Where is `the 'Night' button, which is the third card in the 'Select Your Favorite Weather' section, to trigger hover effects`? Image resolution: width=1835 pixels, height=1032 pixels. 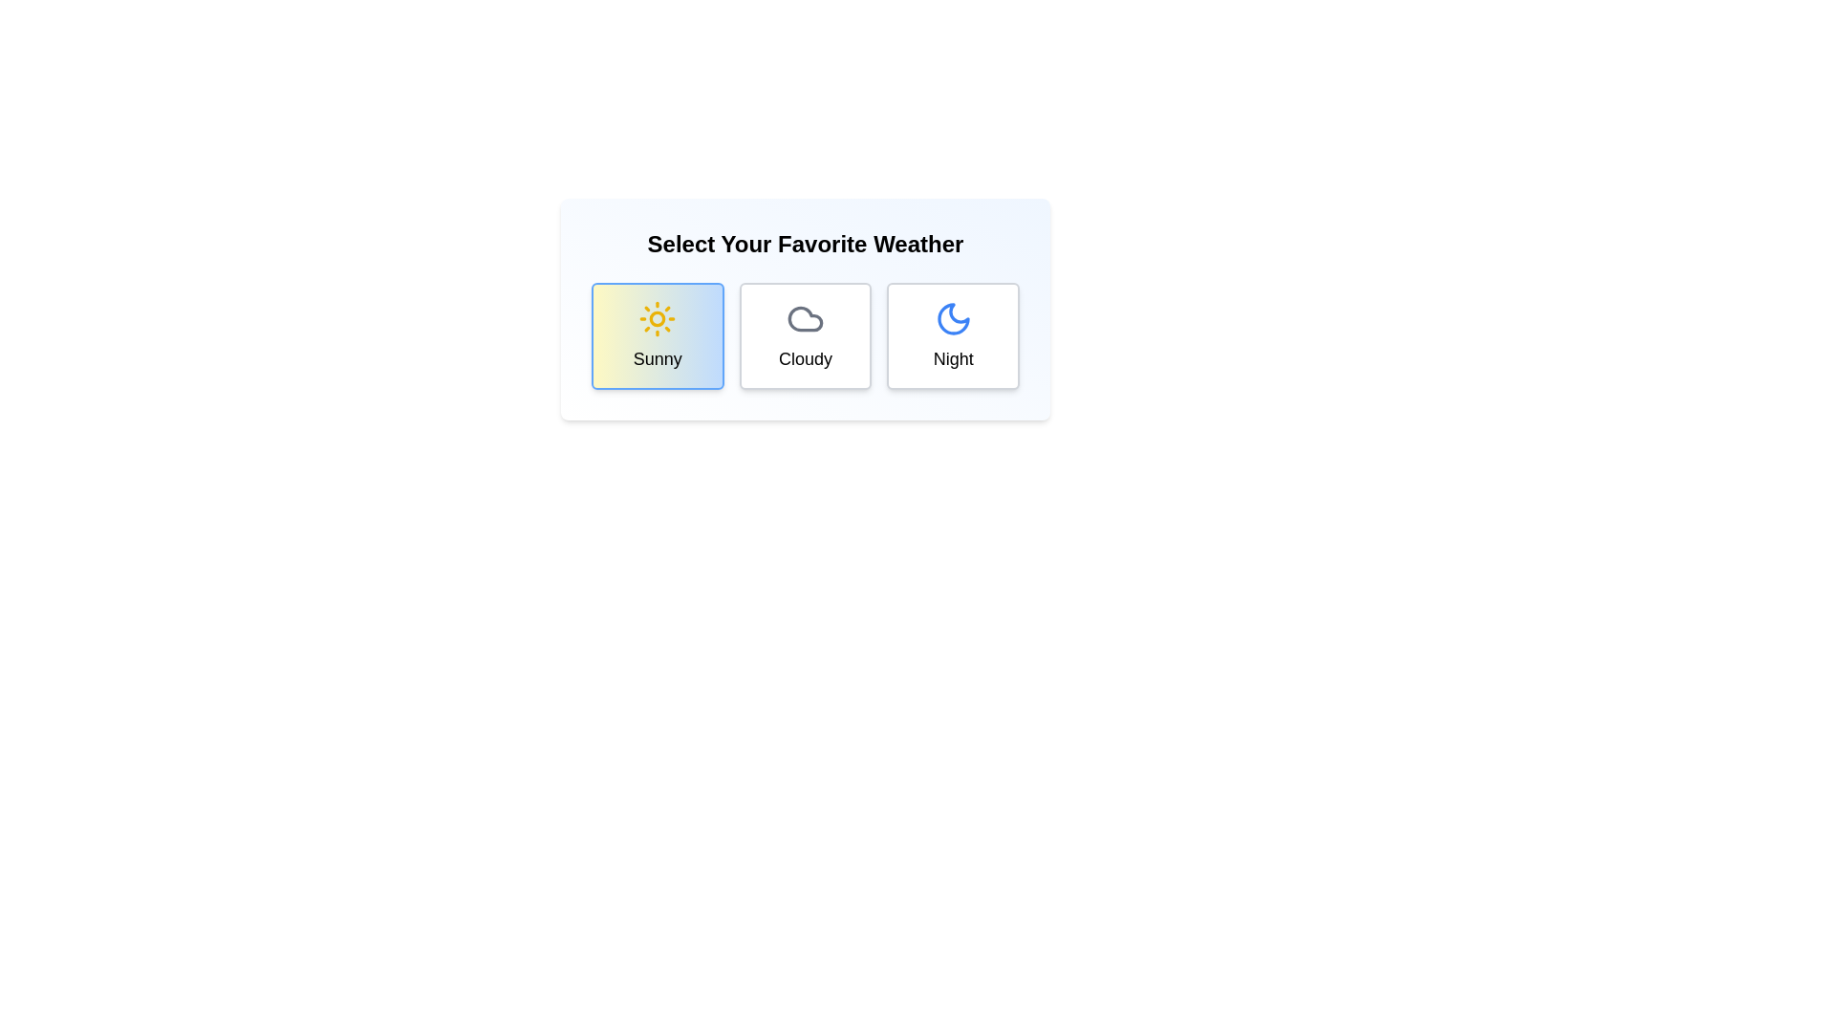
the 'Night' button, which is the third card in the 'Select Your Favorite Weather' section, to trigger hover effects is located at coordinates (953, 334).